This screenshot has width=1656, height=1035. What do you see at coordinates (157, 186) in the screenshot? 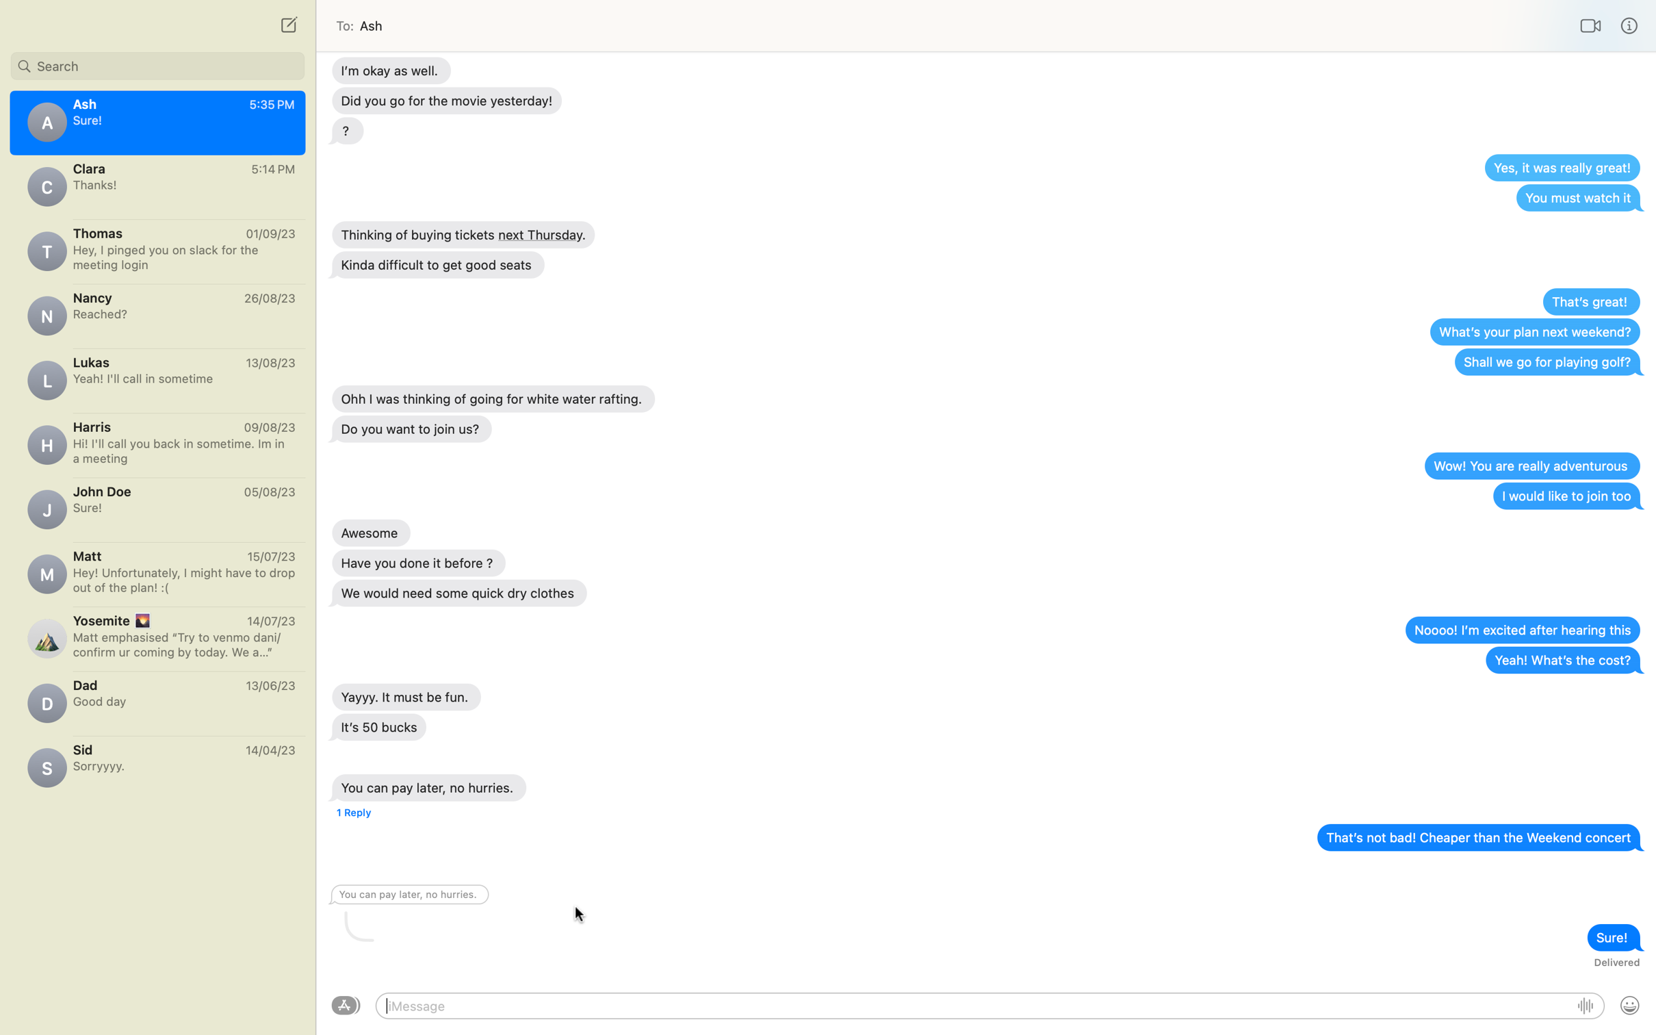
I see `Write a message to Clara with the text "I have seen the movie, it was fantastic!` at bounding box center [157, 186].